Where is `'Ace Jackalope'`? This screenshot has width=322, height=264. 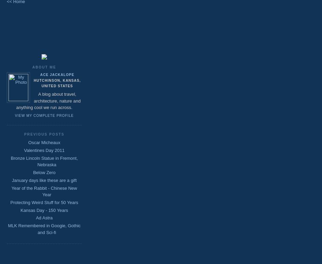 'Ace Jackalope' is located at coordinates (57, 74).